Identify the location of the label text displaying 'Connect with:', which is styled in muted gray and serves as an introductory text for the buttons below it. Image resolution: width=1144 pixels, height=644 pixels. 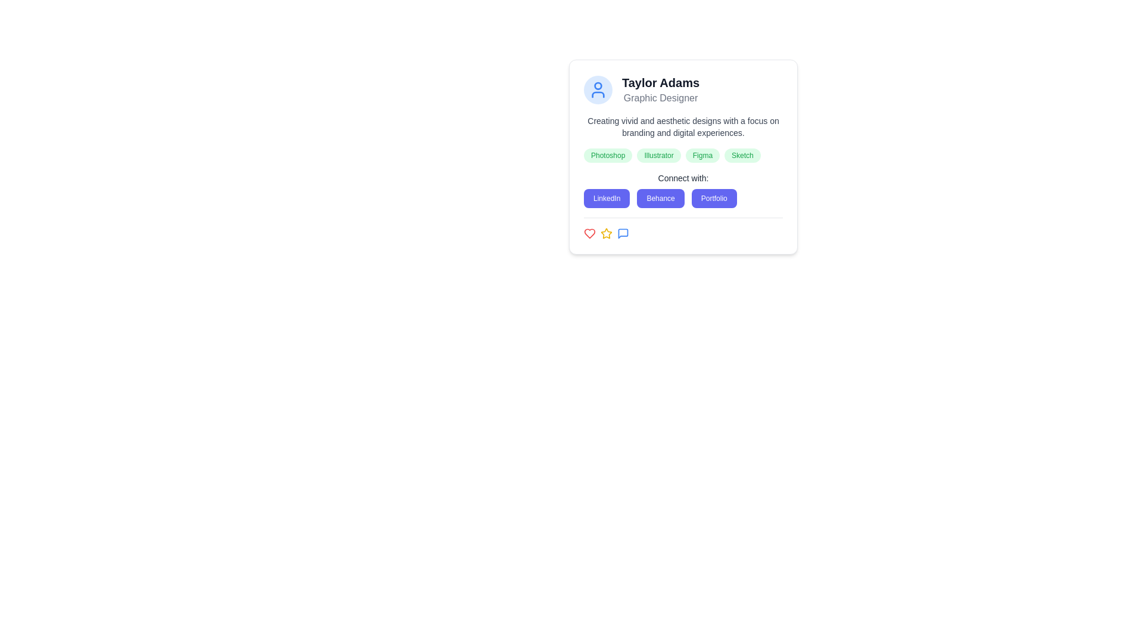
(683, 178).